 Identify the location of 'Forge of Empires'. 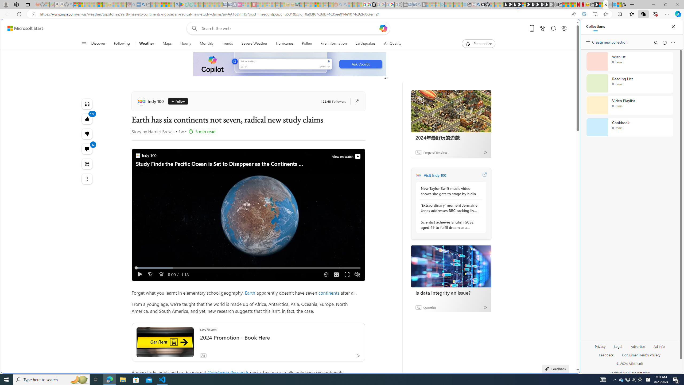
(435, 152).